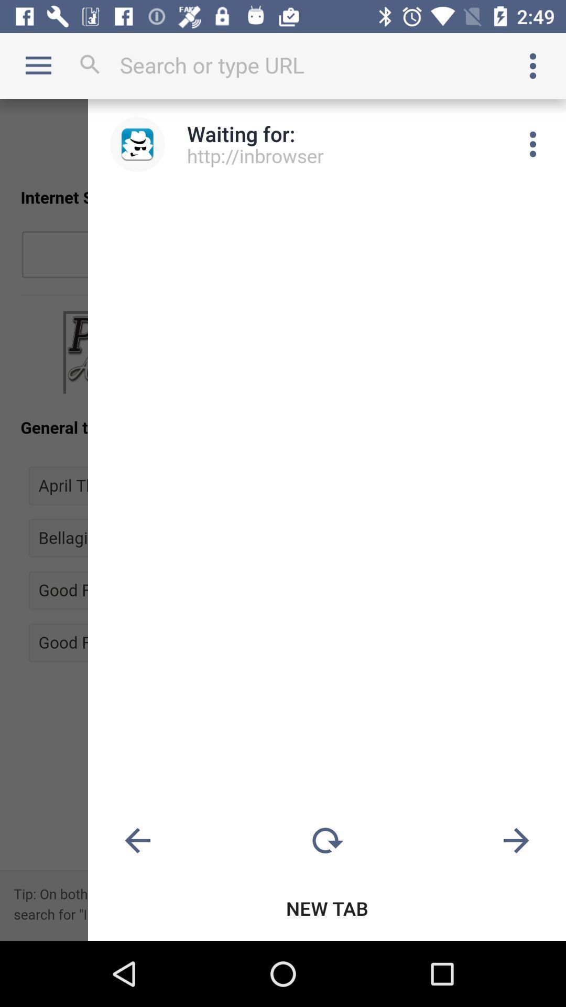 Image resolution: width=566 pixels, height=1007 pixels. What do you see at coordinates (137, 144) in the screenshot?
I see `icon to the left of the waiting for: item` at bounding box center [137, 144].